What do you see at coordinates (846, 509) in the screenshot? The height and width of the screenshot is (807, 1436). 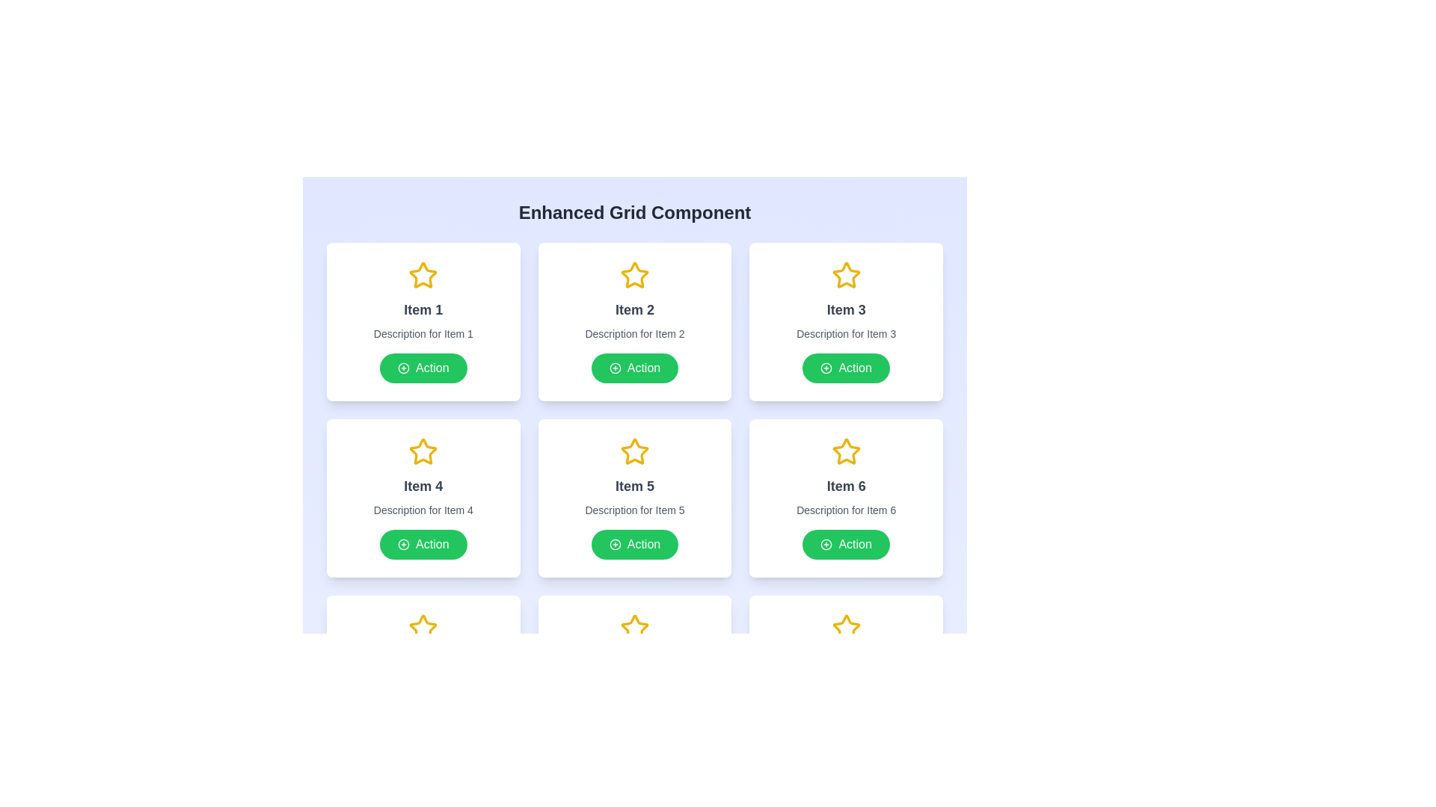 I see `the Text Label that provides a description related to 'Item 6' within its card layout, positioned below the title 'Item 6' and above the 'Action' button` at bounding box center [846, 509].